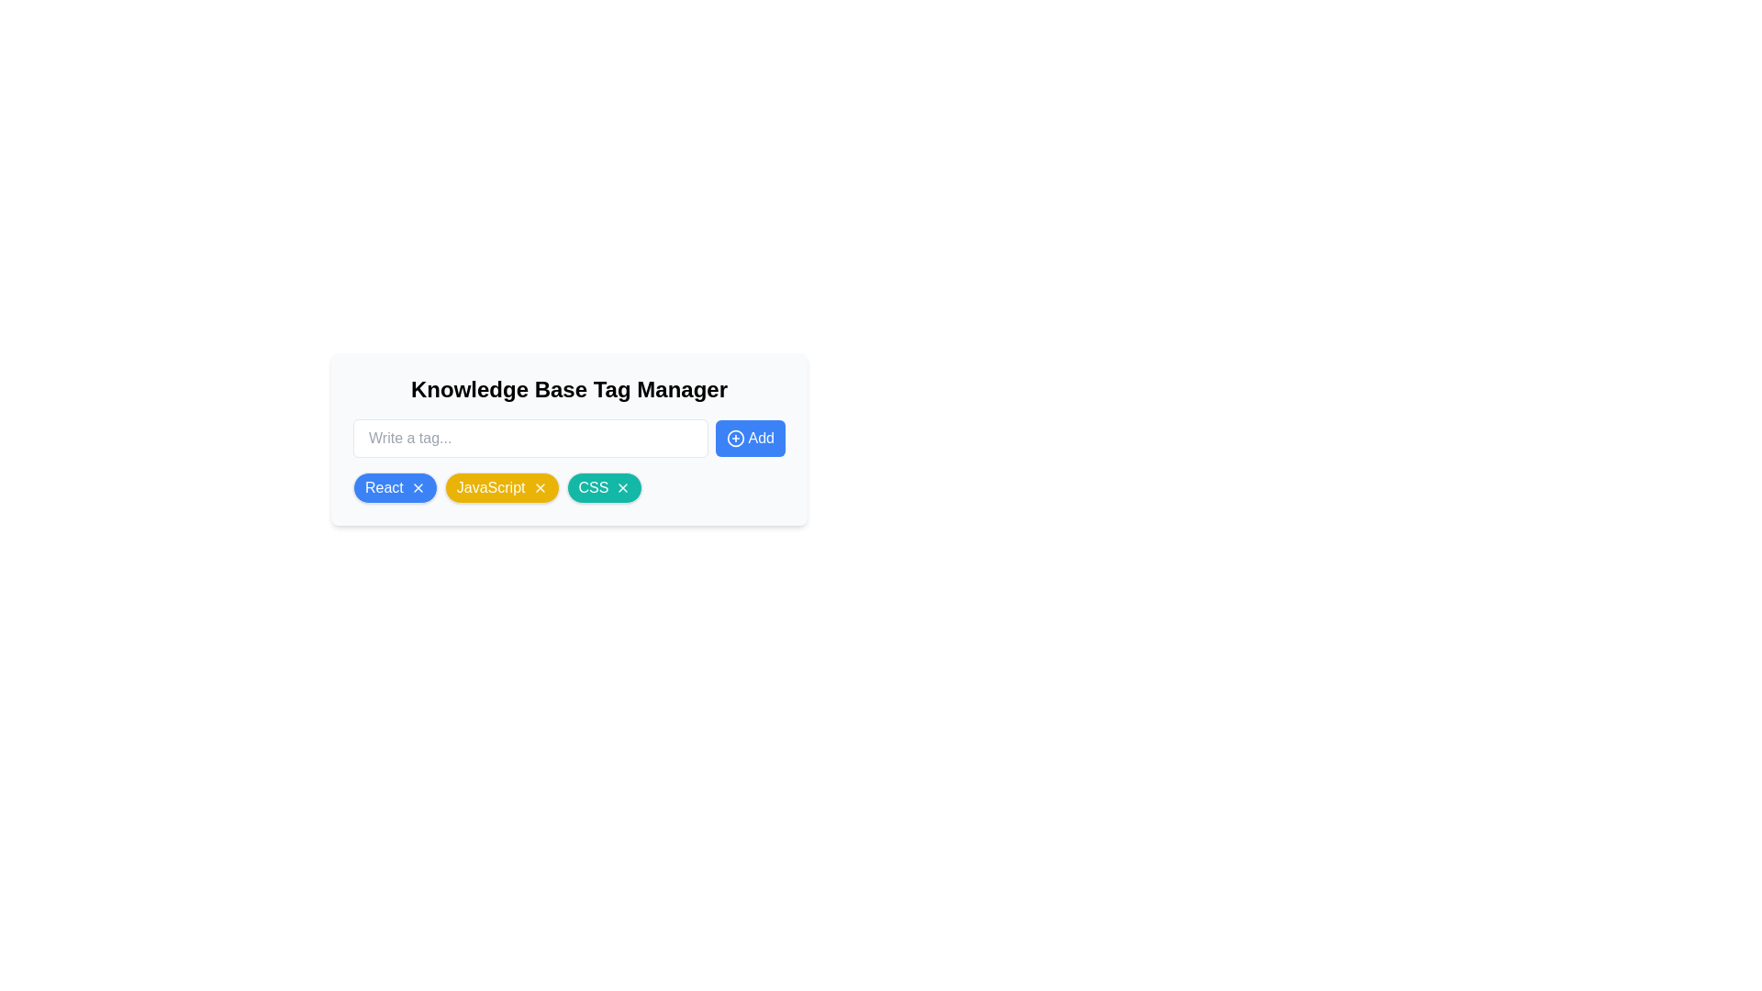 The image size is (1762, 991). What do you see at coordinates (568, 487) in the screenshot?
I see `the 'x' icon within the Tag group` at bounding box center [568, 487].